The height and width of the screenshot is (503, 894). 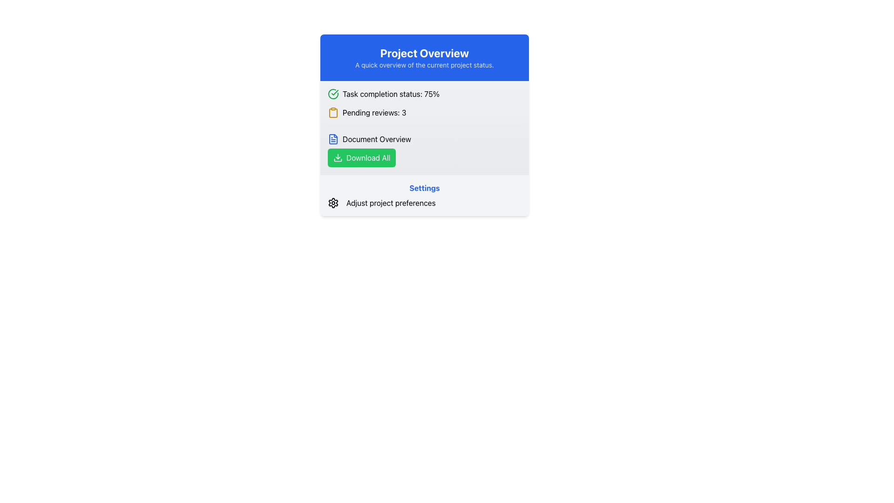 I want to click on the 'Project Overview' text label, which is styled in white text on a blue background and is centrally aligned in the upper section of a card-like component, so click(x=424, y=53).